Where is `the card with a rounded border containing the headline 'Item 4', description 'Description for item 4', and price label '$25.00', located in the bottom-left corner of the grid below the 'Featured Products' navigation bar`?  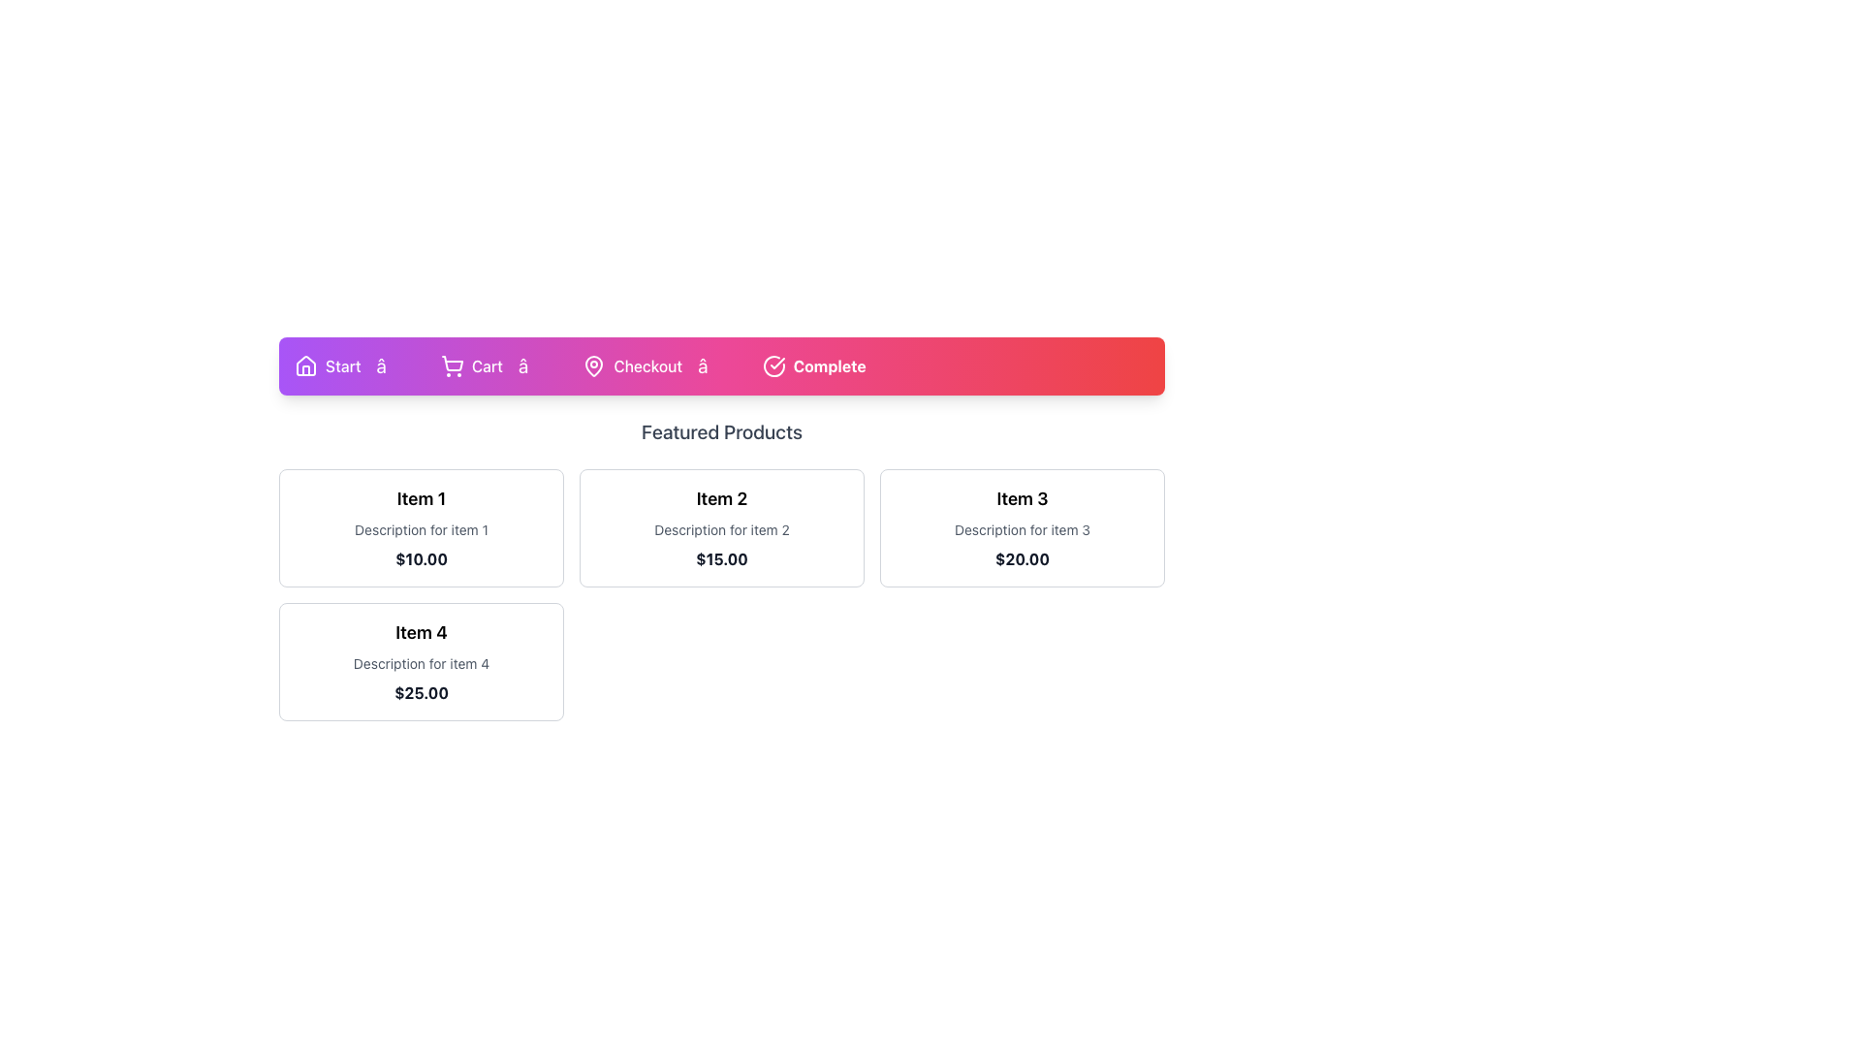
the card with a rounded border containing the headline 'Item 4', description 'Description for item 4', and price label '$25.00', located in the bottom-left corner of the grid below the 'Featured Products' navigation bar is located at coordinates (421, 660).